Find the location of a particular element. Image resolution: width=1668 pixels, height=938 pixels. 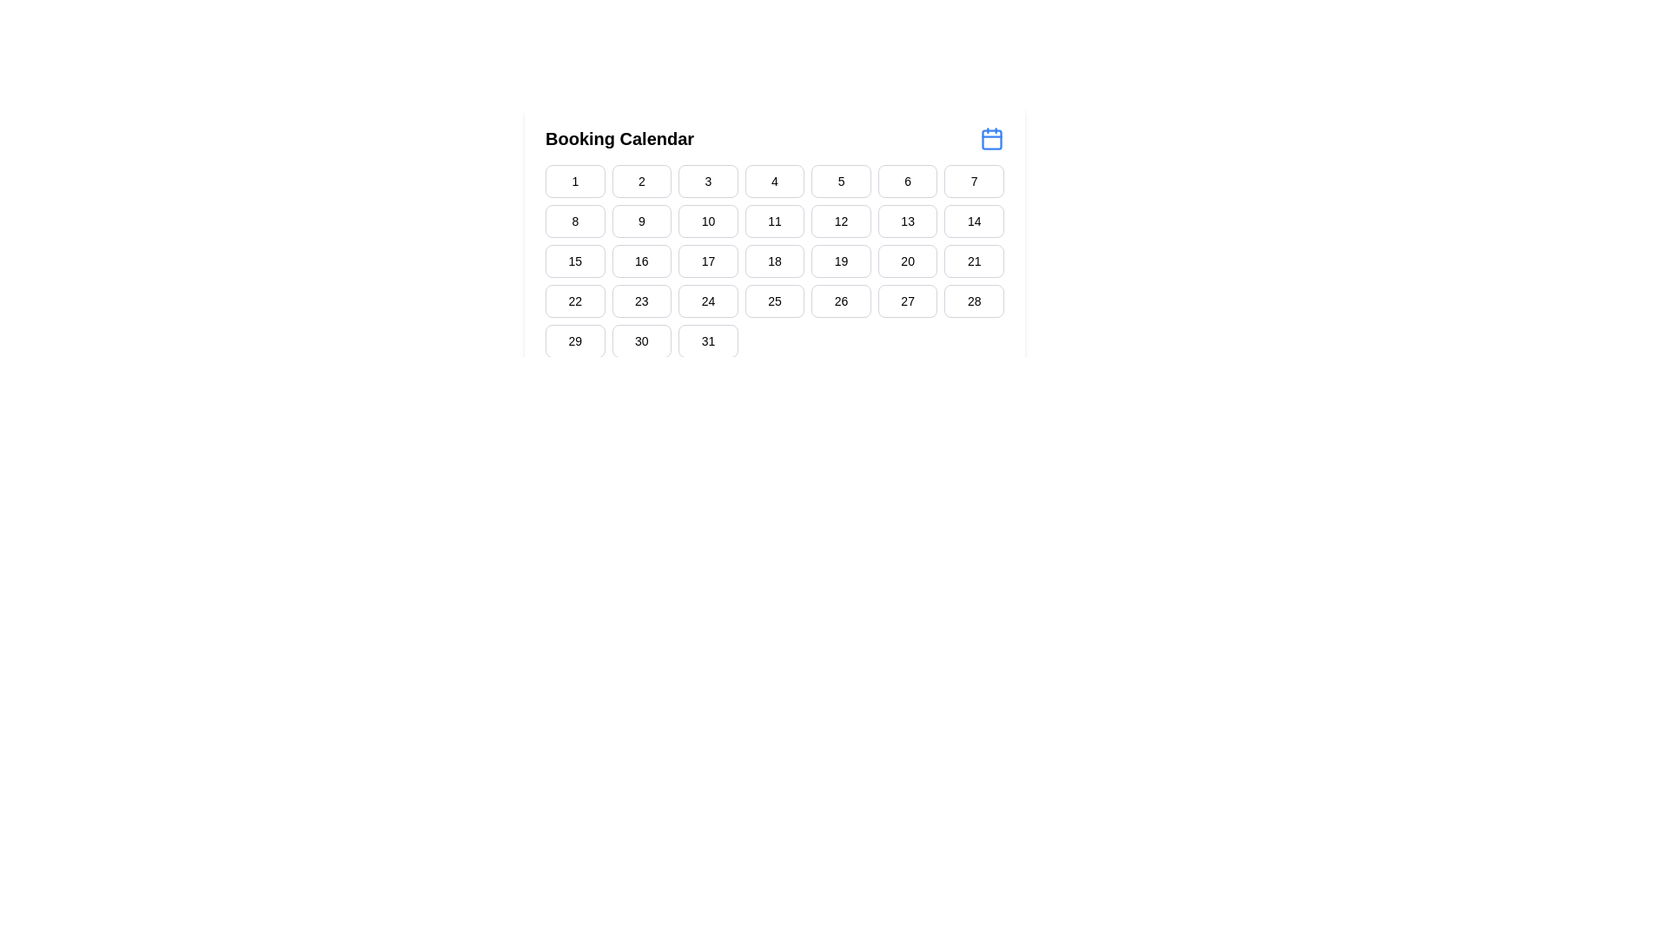

the button displaying the number '11' is located at coordinates (774, 220).